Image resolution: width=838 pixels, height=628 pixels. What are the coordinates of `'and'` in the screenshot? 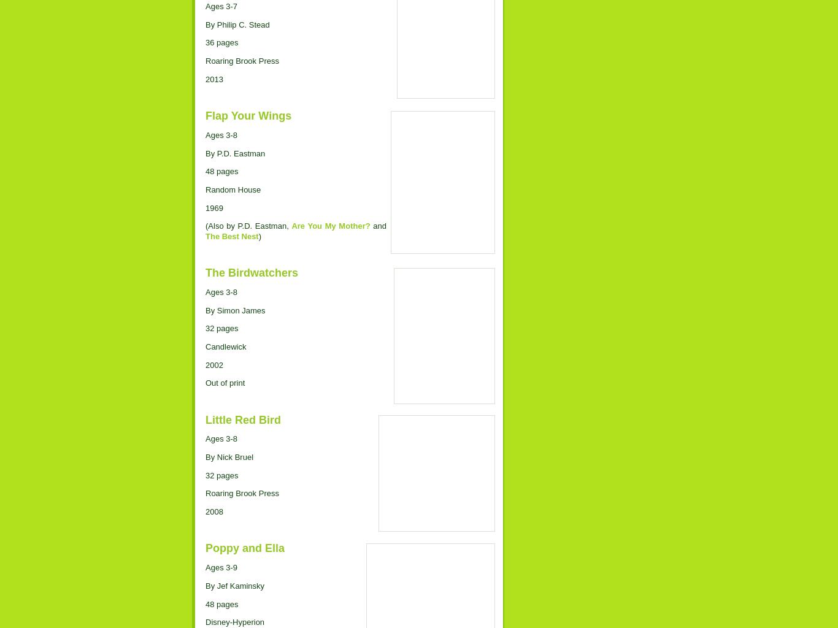 It's located at (379, 226).